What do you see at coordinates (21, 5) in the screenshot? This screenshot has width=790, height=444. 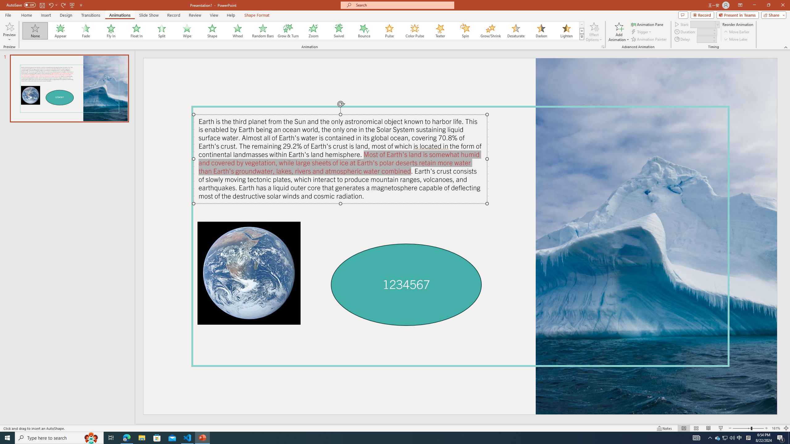 I see `'AutoSave'` at bounding box center [21, 5].